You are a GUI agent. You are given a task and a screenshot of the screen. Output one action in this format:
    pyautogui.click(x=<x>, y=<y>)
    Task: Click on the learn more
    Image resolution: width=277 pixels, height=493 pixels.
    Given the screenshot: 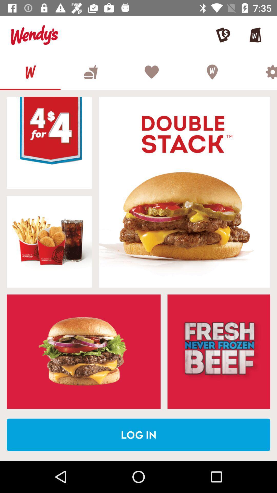 What is the action you would take?
    pyautogui.click(x=219, y=351)
    